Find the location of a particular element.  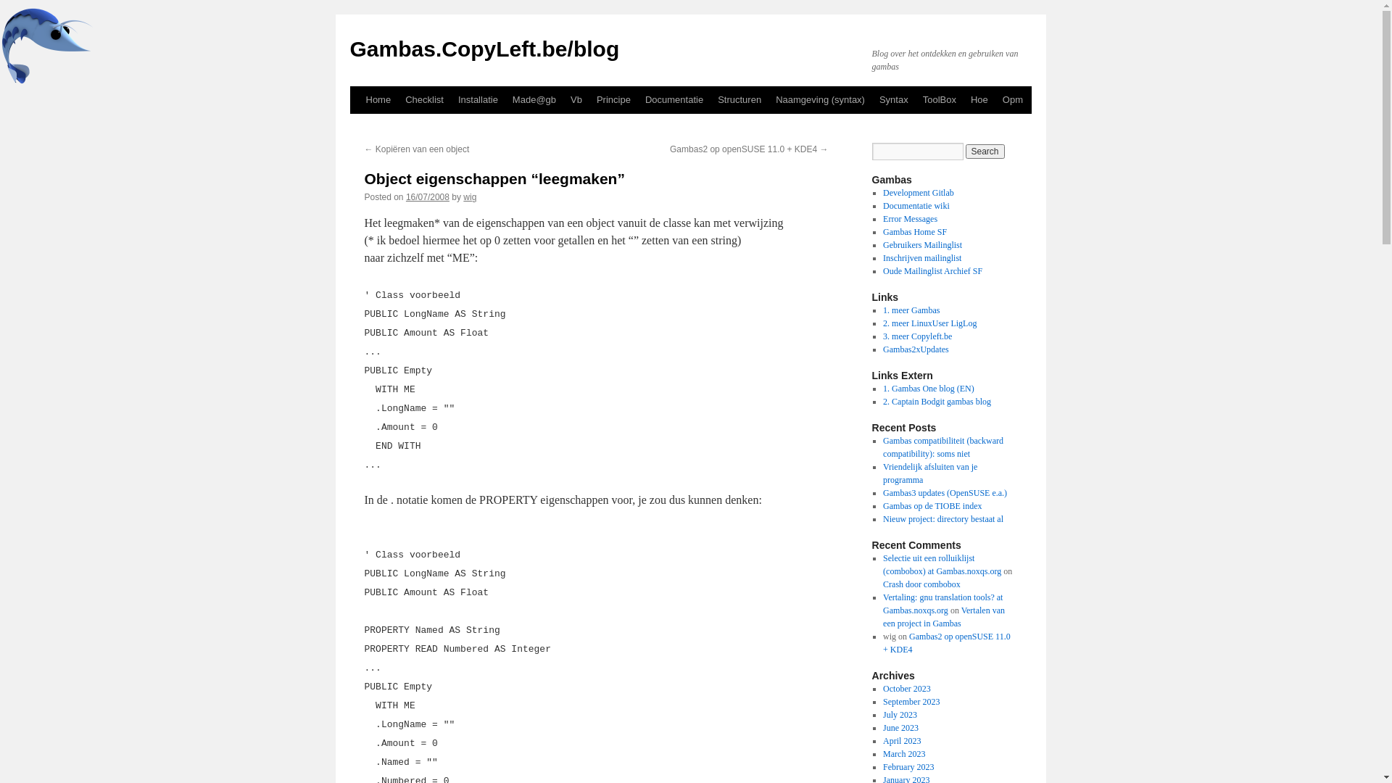

'Structuren' is located at coordinates (710, 99).